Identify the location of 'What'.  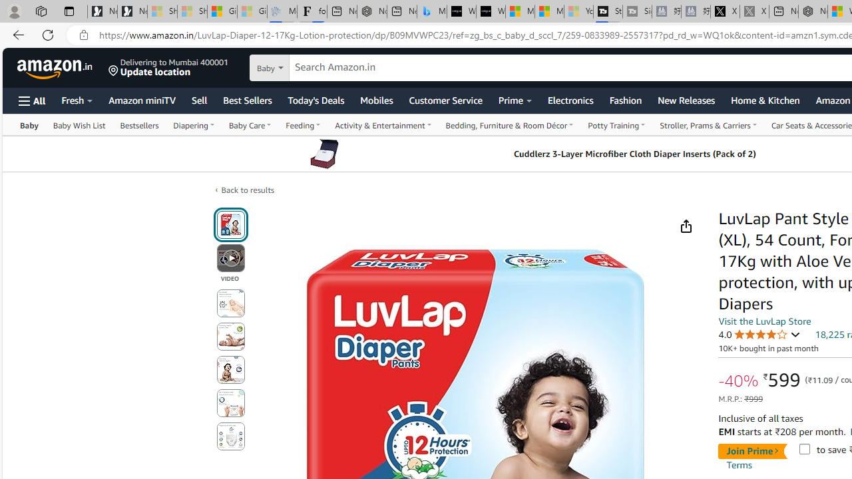
(490, 11).